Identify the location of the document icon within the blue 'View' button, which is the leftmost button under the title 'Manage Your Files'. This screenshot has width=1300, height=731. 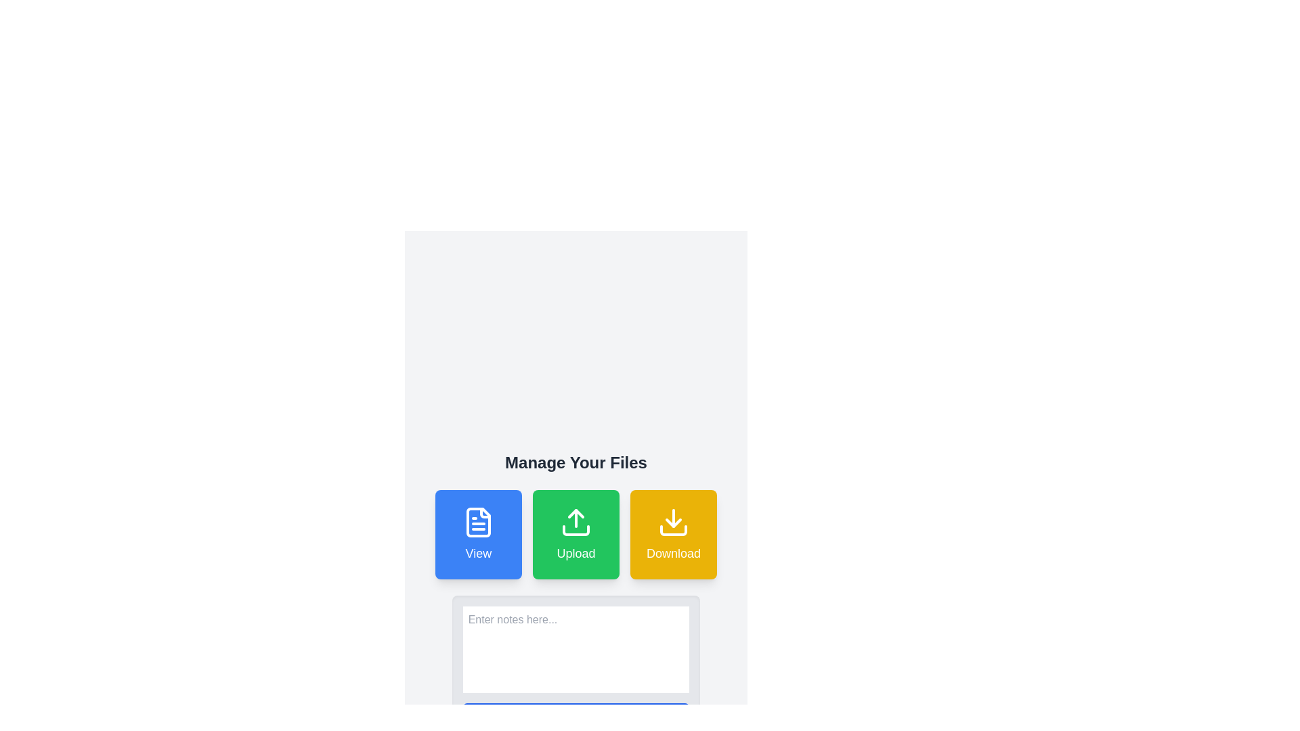
(478, 521).